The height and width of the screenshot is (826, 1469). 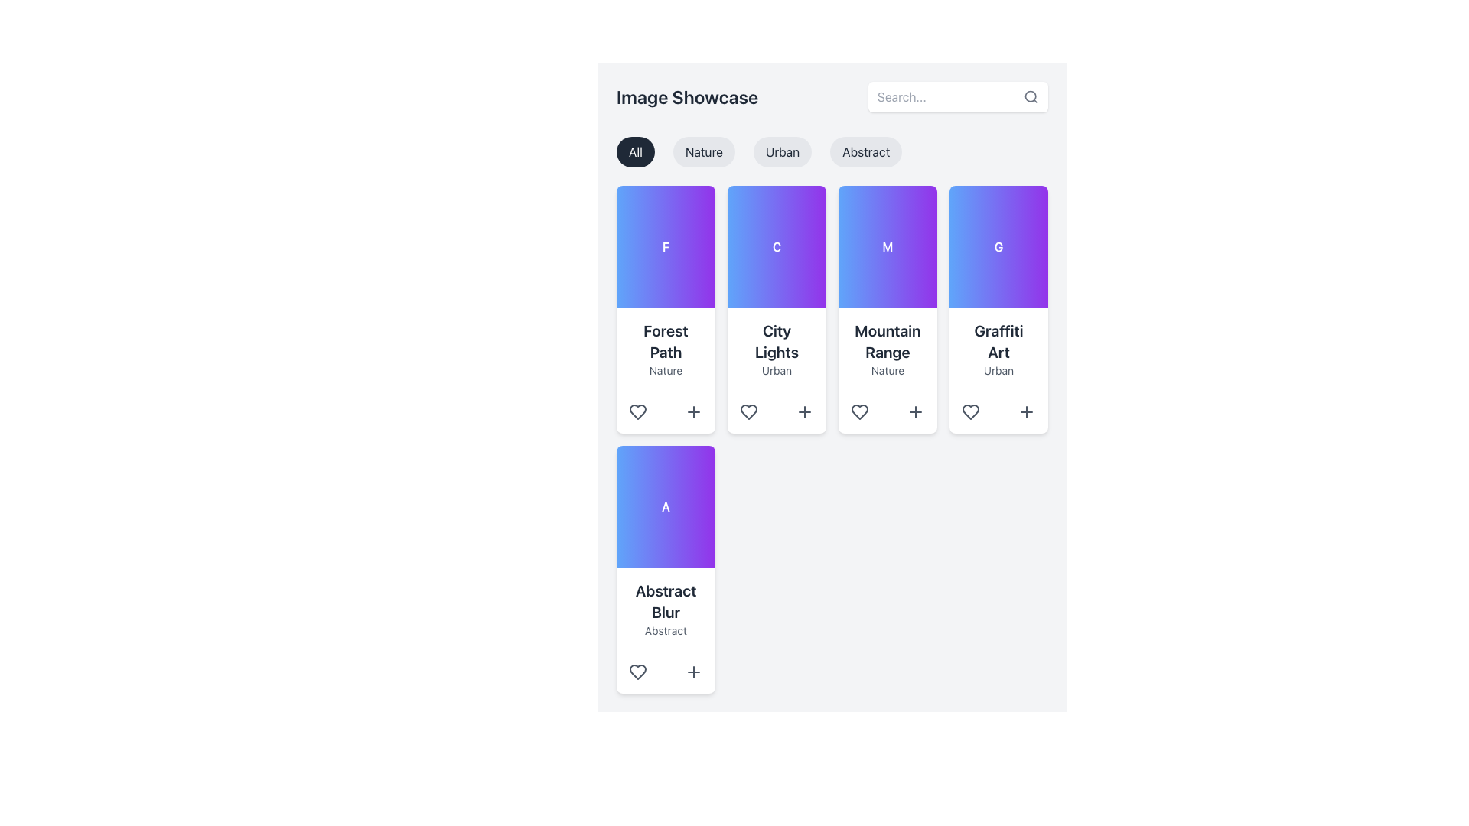 What do you see at coordinates (803, 411) in the screenshot?
I see `the interactive button located at the bottom-right area of the 'City Lights' card` at bounding box center [803, 411].